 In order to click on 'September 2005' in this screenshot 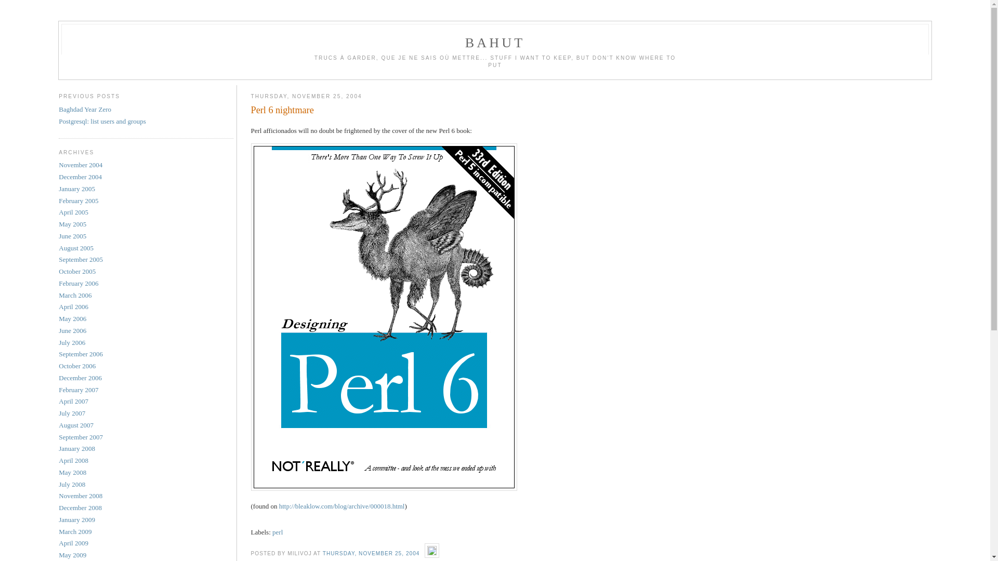, I will do `click(80, 259)`.